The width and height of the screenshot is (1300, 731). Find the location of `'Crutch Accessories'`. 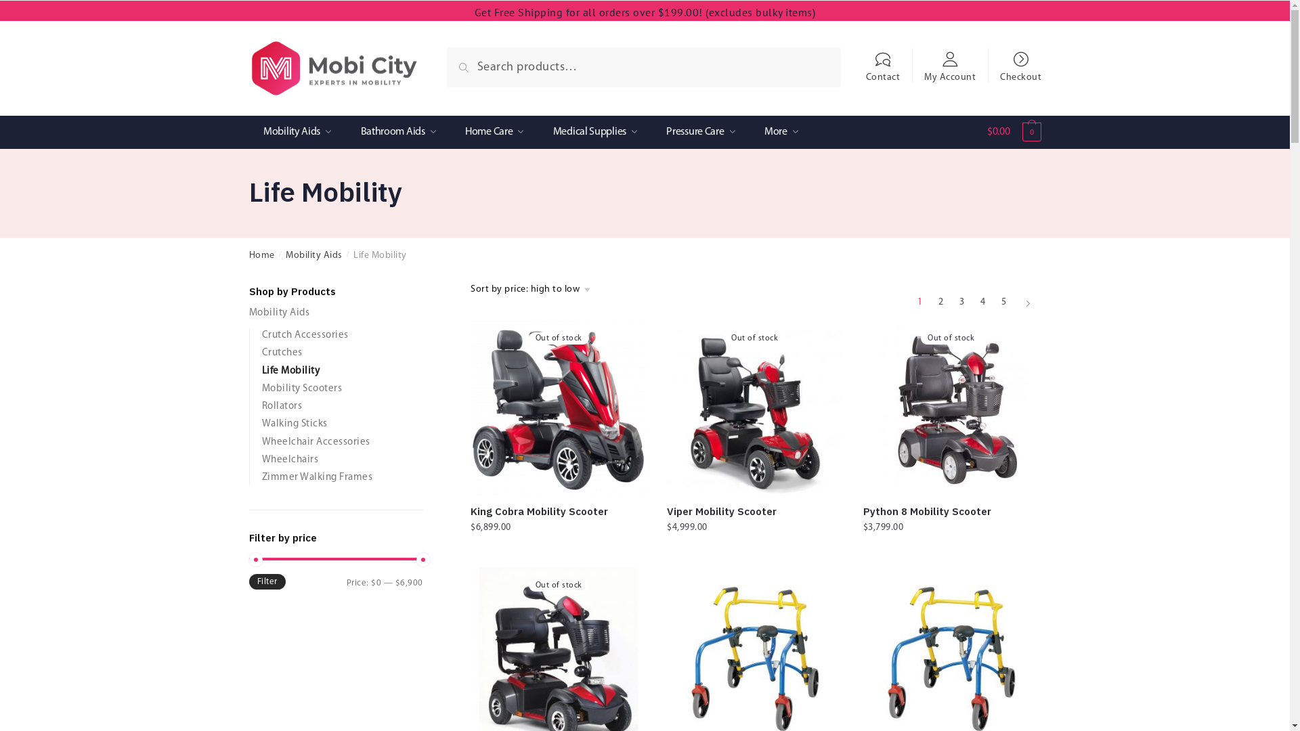

'Crutch Accessories' is located at coordinates (261, 335).